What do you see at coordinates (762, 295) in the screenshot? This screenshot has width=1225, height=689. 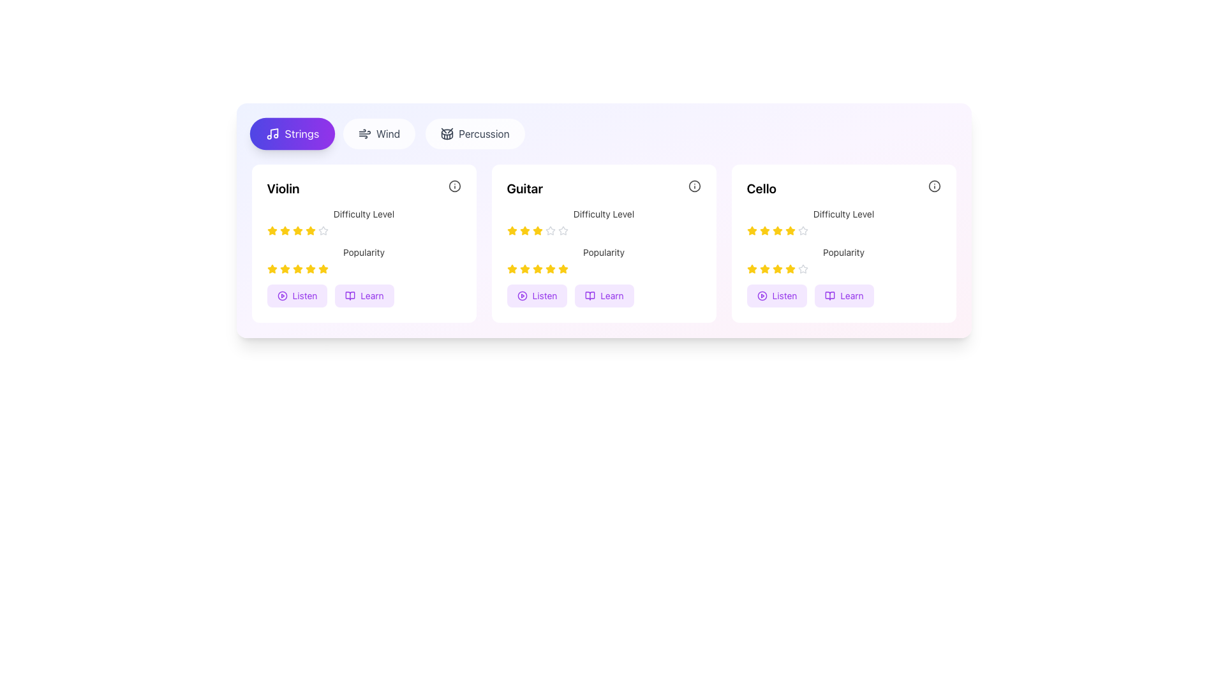 I see `the circular play button icon located centrally within the 'Cello' card` at bounding box center [762, 295].